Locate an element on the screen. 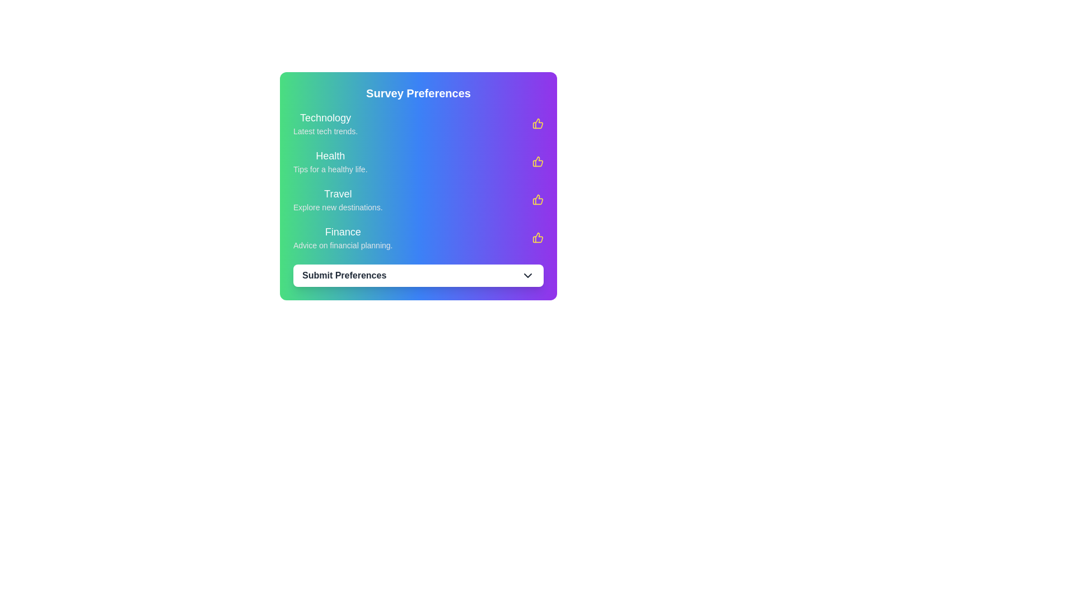 This screenshot has height=604, width=1075. the Header text element that serves as the title for the survey preferences selection interface, located at the top of the survey section is located at coordinates (418, 92).